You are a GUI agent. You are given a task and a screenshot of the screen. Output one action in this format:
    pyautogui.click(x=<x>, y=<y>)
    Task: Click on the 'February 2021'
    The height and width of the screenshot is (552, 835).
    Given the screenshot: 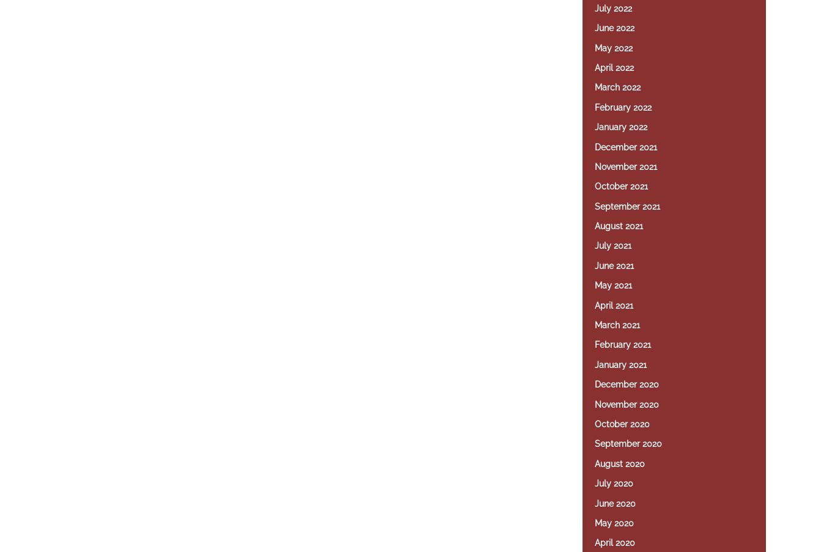 What is the action you would take?
    pyautogui.click(x=623, y=344)
    